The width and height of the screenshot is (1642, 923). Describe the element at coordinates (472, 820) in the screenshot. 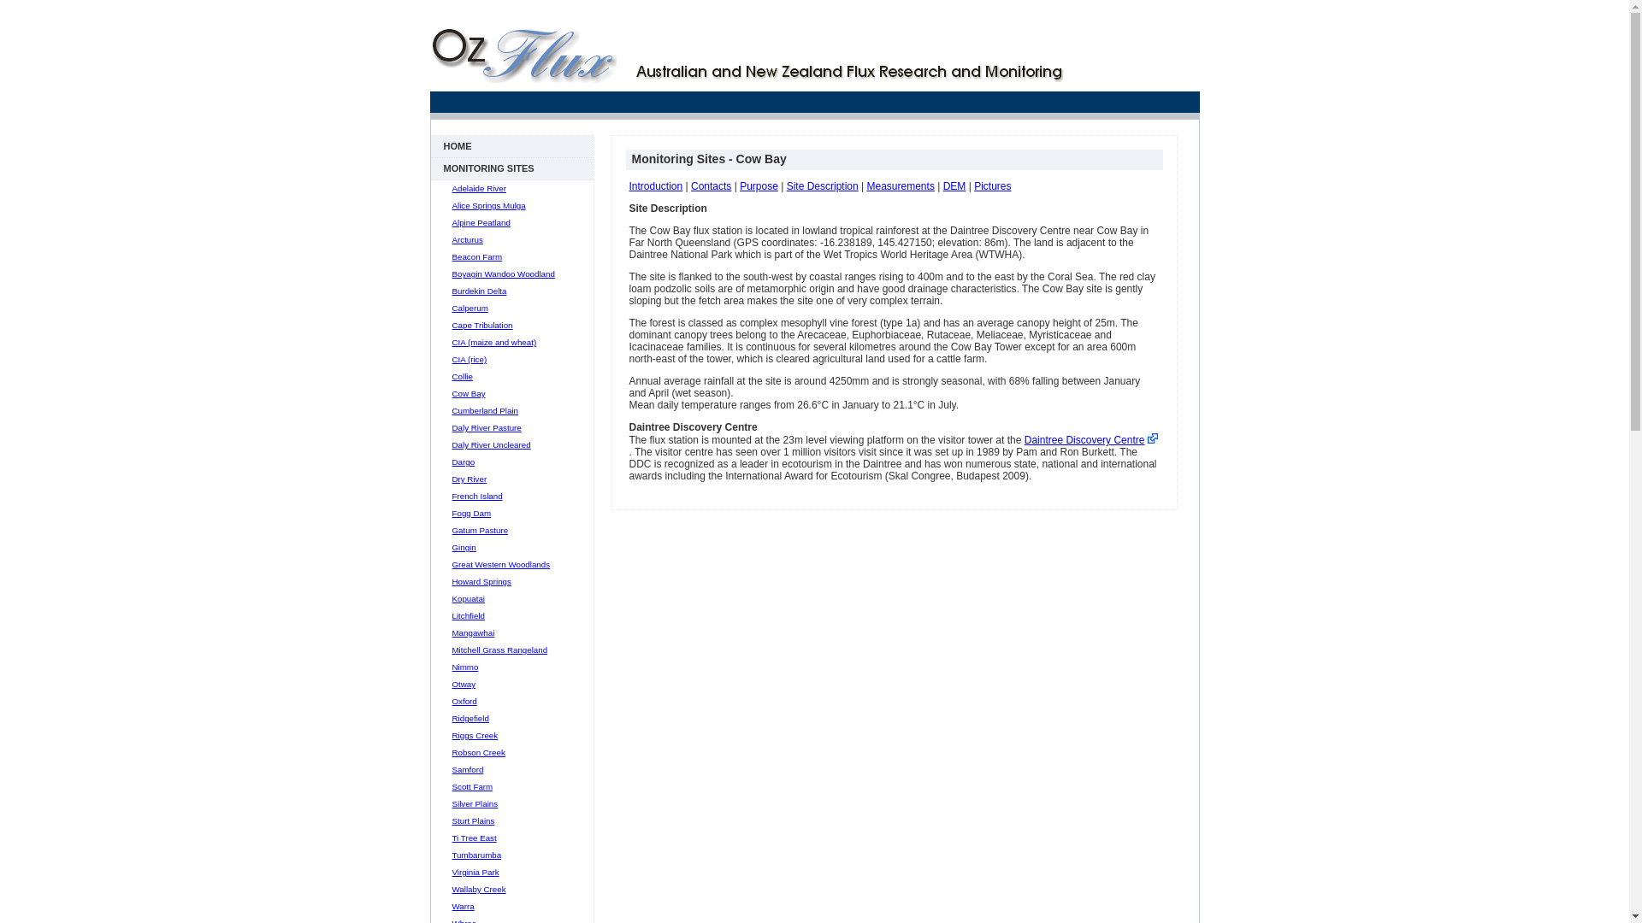

I see `'Sturt Plains'` at that location.